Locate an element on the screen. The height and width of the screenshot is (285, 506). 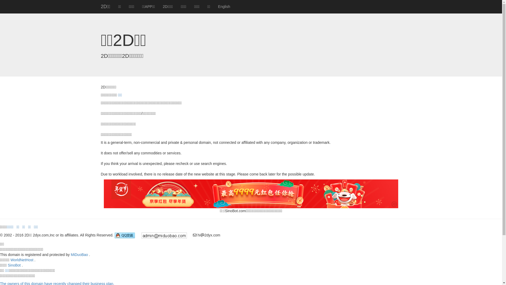
'MiDuoBao' is located at coordinates (79, 254).